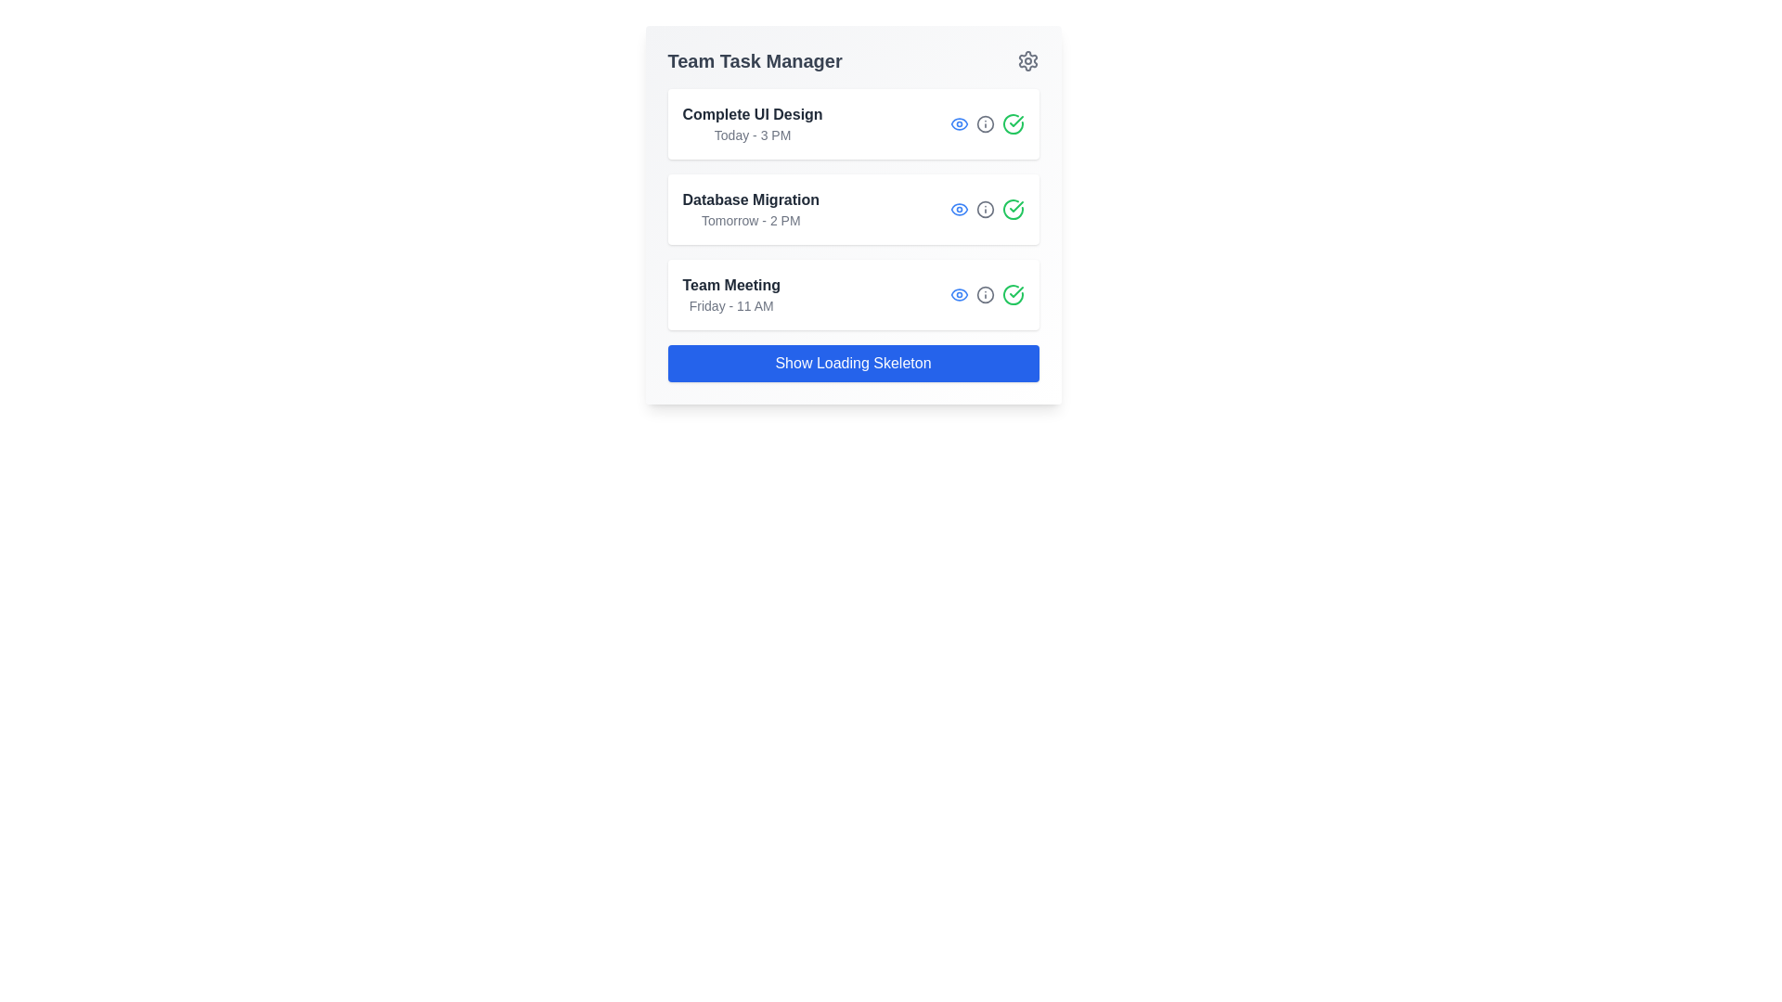 This screenshot has height=1002, width=1782. Describe the element at coordinates (1012, 209) in the screenshot. I see `the SVG graphic icon indicating completion status for the 'Database Migration' task, located on the far right of the second task row` at that location.